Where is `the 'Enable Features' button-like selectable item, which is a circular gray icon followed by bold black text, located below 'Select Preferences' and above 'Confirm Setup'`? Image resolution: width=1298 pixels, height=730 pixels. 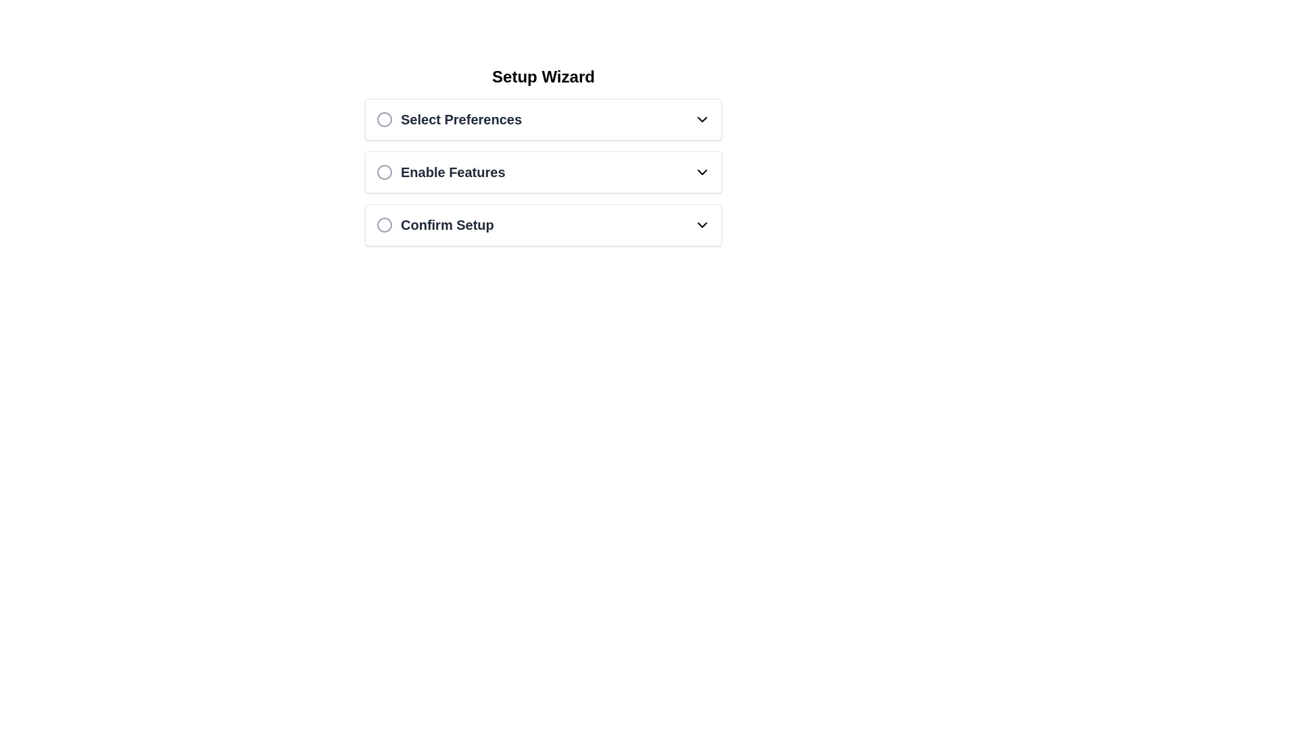 the 'Enable Features' button-like selectable item, which is a circular gray icon followed by bold black text, located below 'Select Preferences' and above 'Confirm Setup' is located at coordinates (441, 171).